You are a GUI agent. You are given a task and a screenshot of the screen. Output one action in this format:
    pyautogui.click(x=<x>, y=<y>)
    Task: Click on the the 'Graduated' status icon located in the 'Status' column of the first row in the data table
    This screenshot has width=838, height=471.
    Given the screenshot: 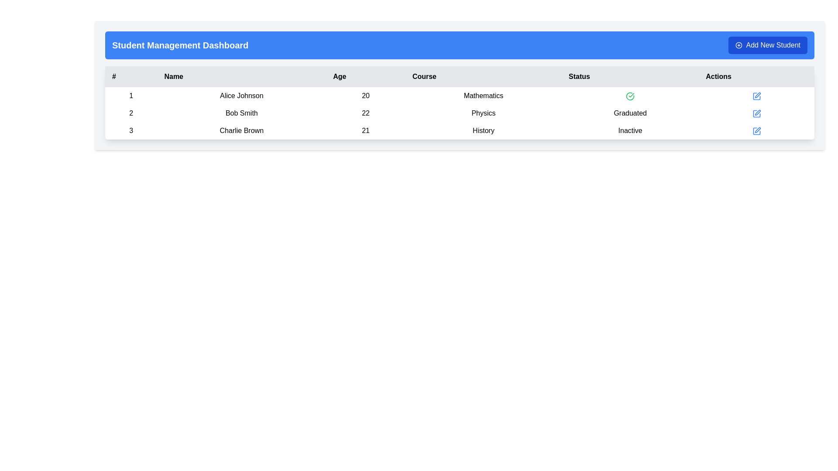 What is the action you would take?
    pyautogui.click(x=630, y=96)
    